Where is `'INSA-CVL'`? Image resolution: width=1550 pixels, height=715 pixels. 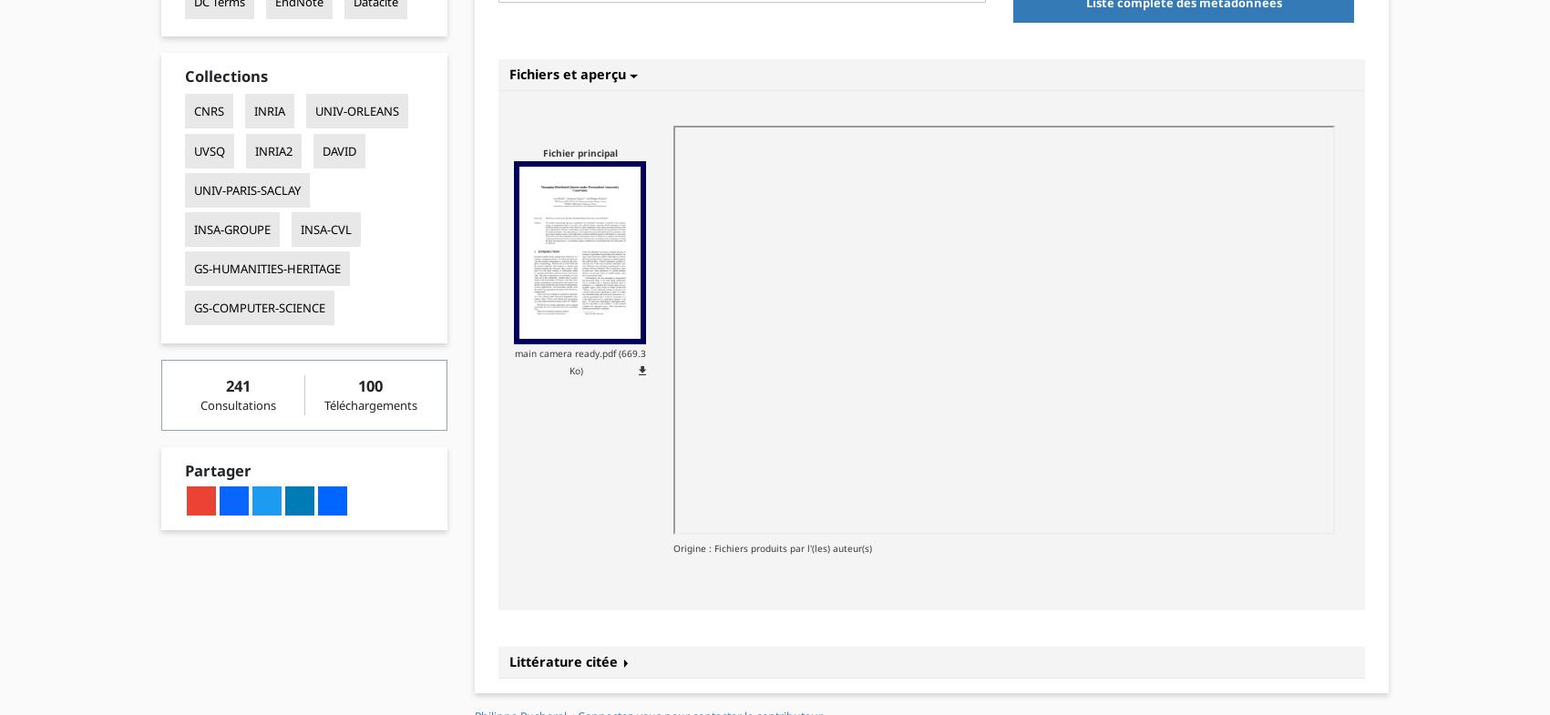
'INSA-CVL' is located at coordinates (325, 228).